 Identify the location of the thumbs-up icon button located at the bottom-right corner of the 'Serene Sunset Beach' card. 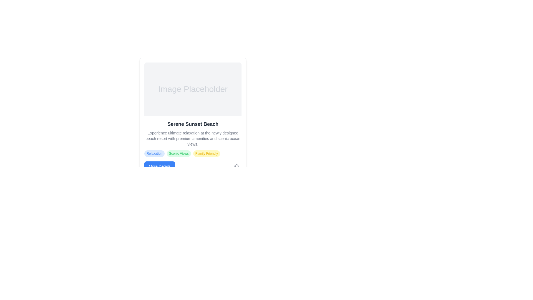
(236, 166).